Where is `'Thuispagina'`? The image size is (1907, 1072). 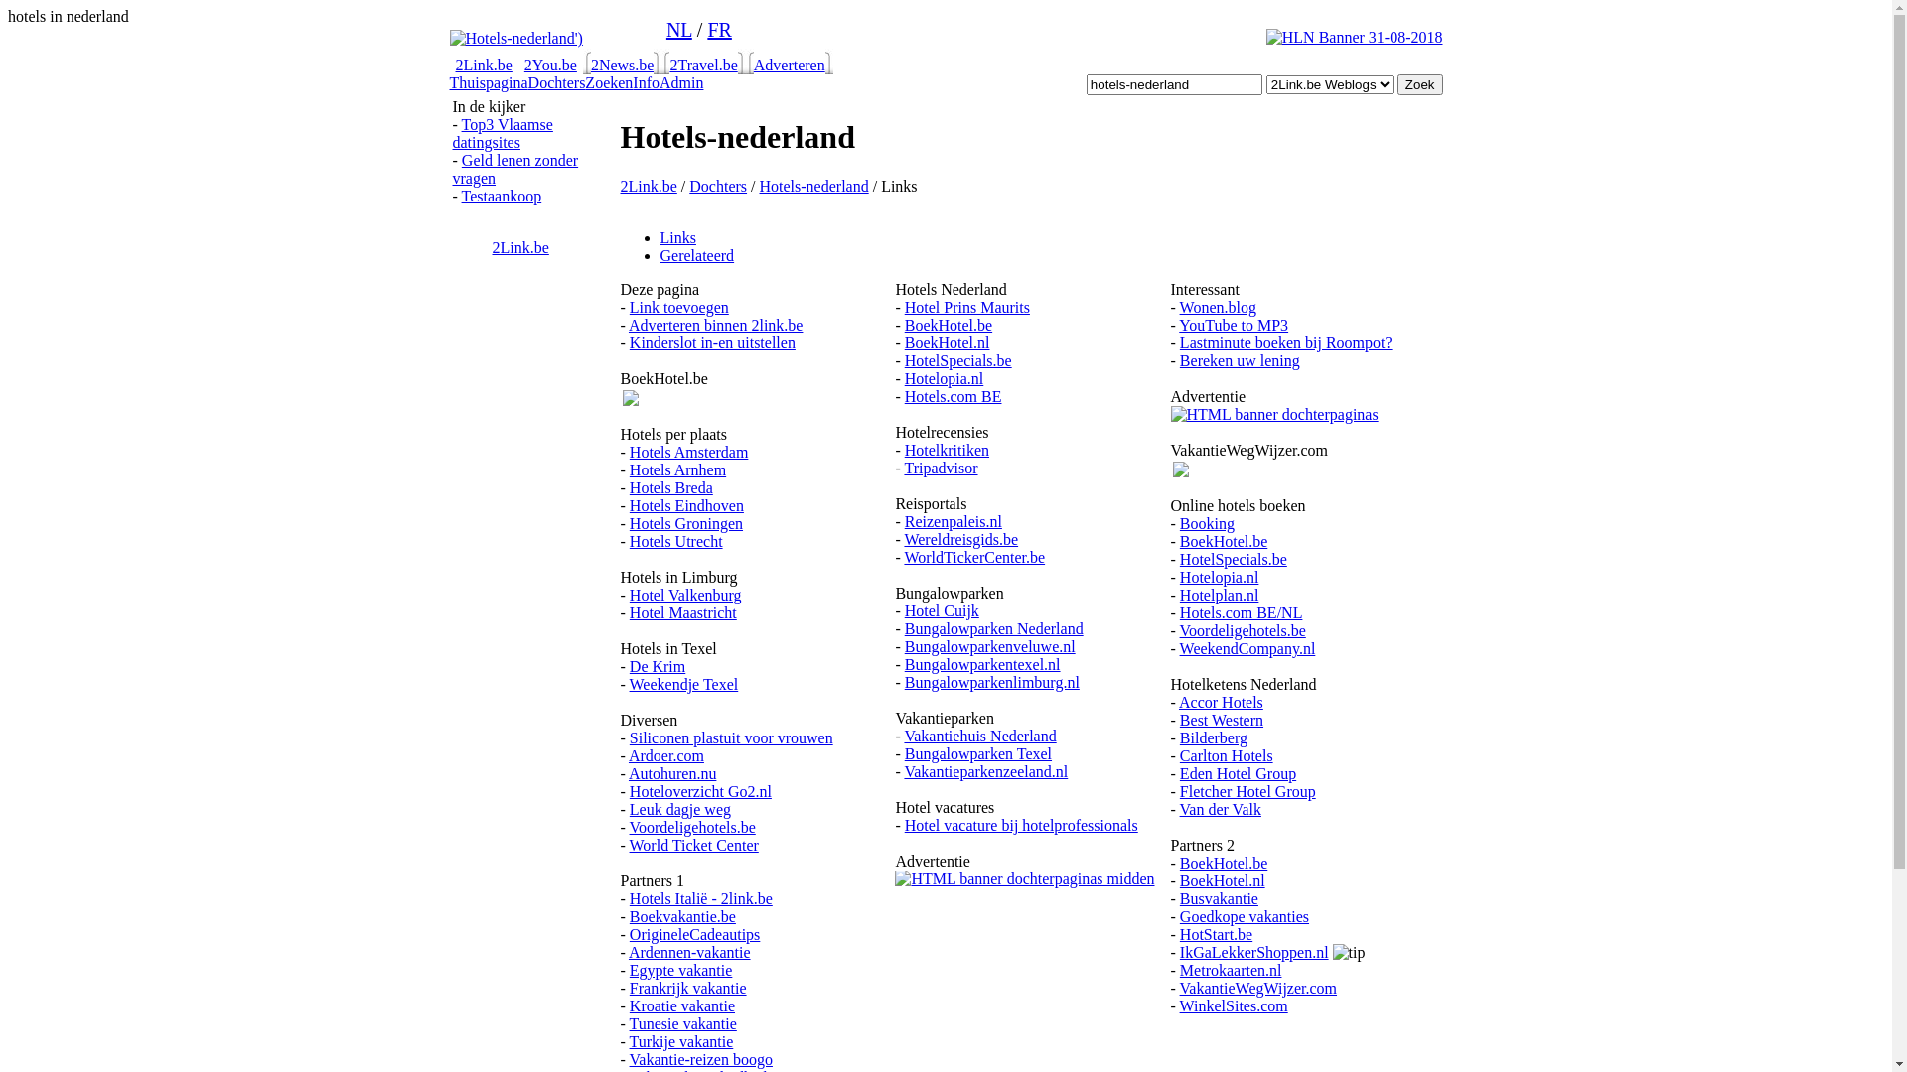 'Thuispagina' is located at coordinates (488, 81).